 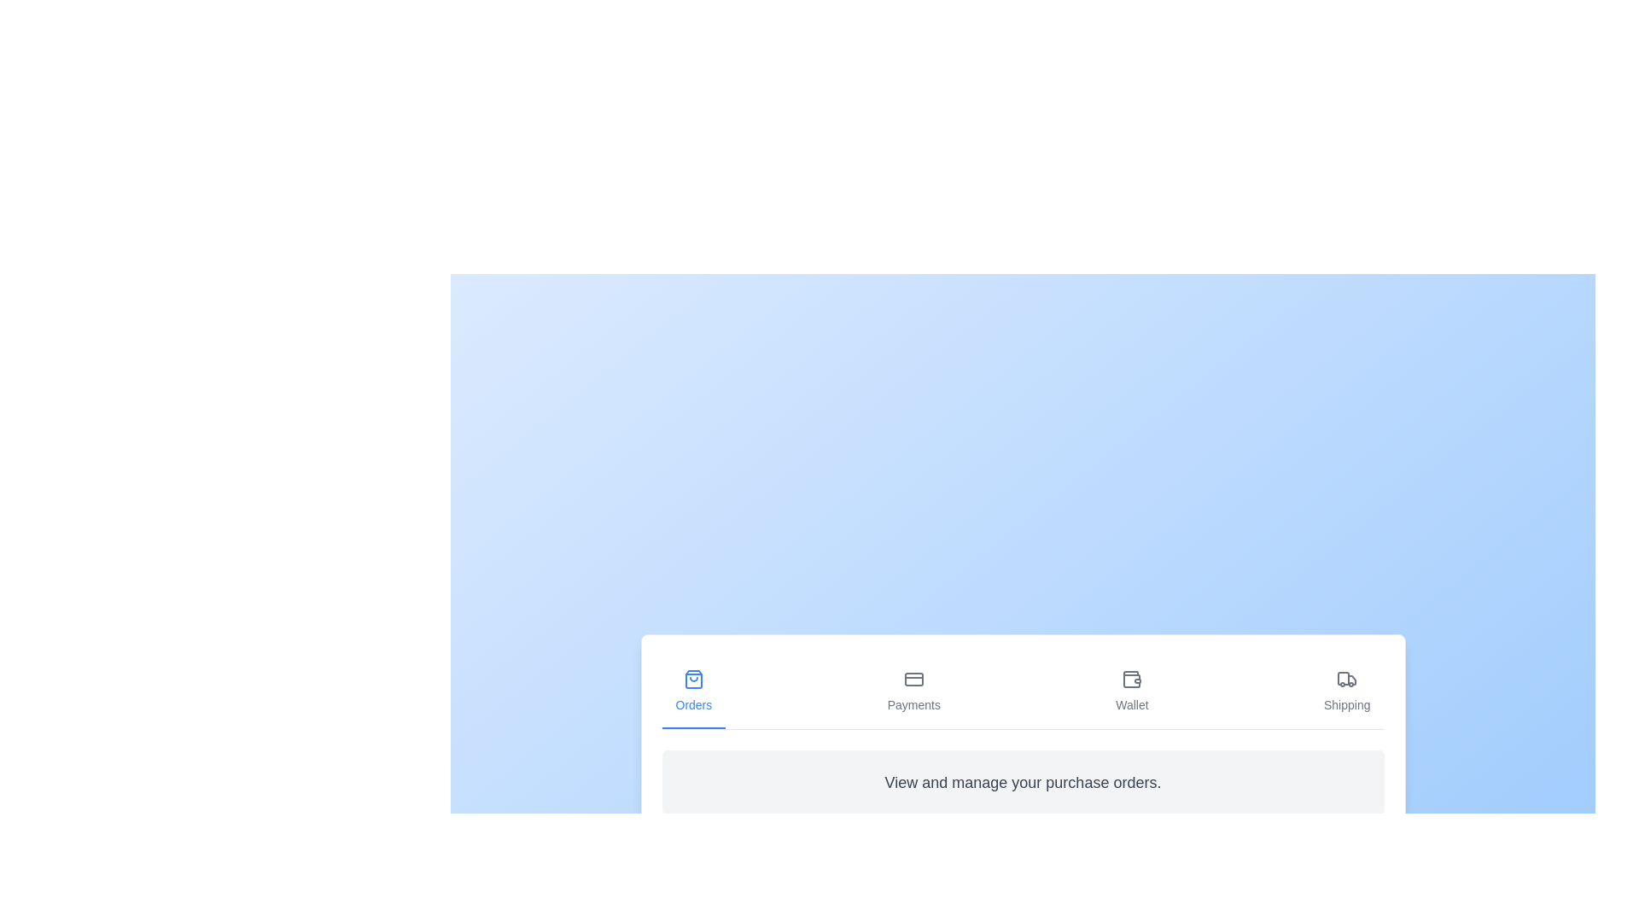 What do you see at coordinates (693, 691) in the screenshot?
I see `the 'Orders' navigation button located in the top-left corner of the interface` at bounding box center [693, 691].